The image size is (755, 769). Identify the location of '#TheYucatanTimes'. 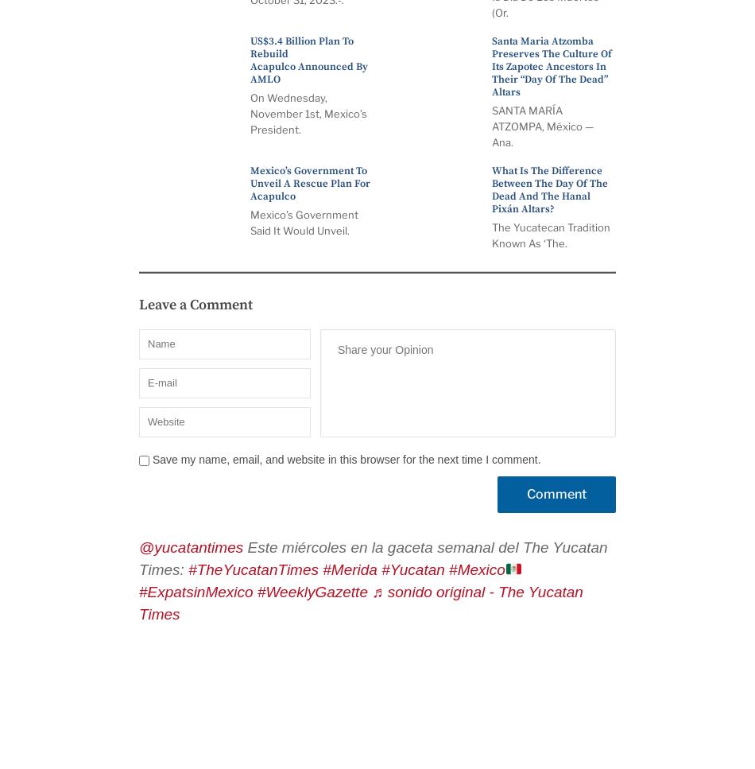
(188, 569).